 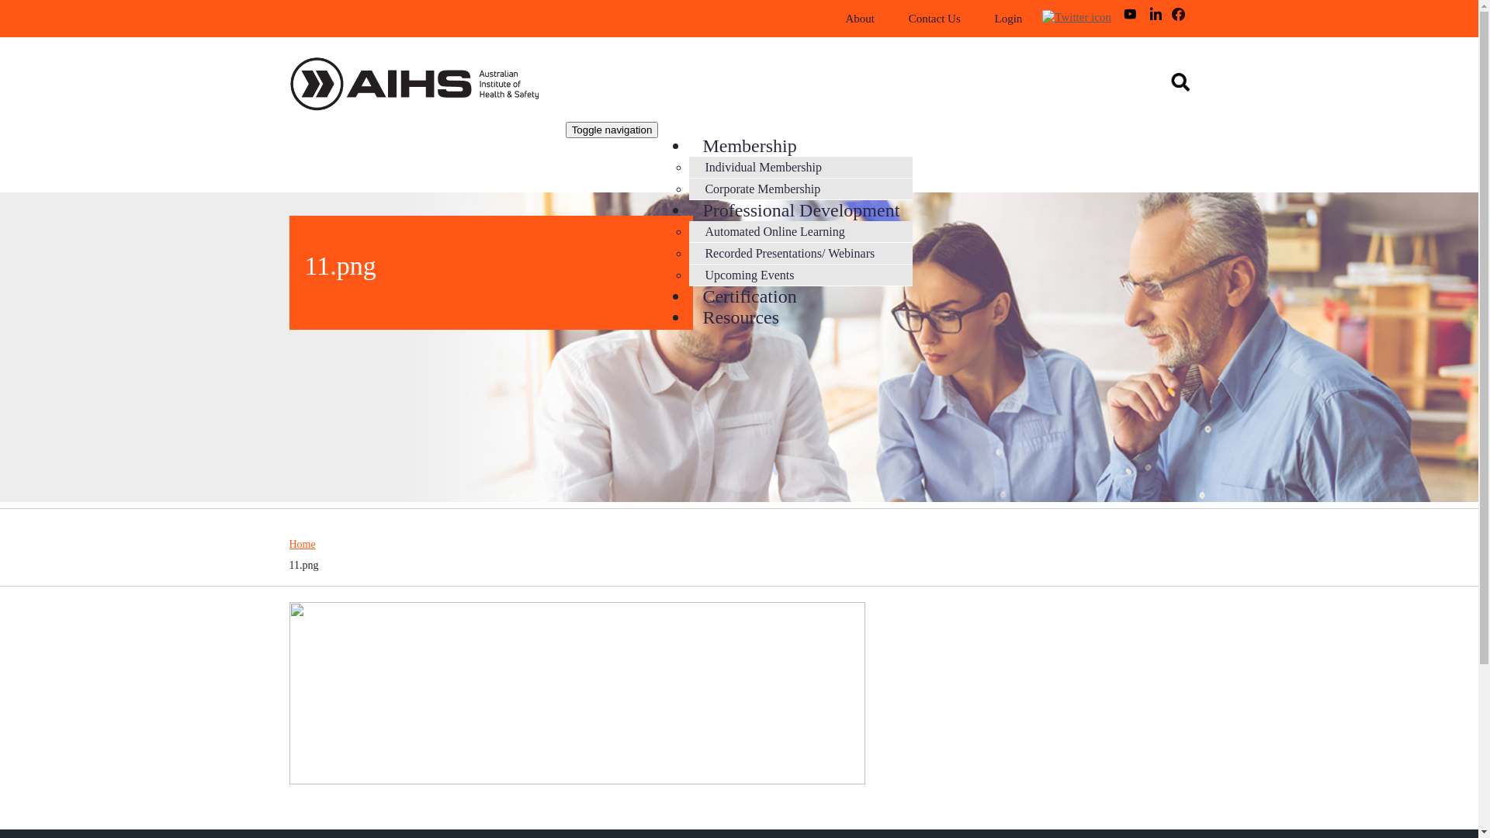 I want to click on 'About', so click(x=829, y=18).